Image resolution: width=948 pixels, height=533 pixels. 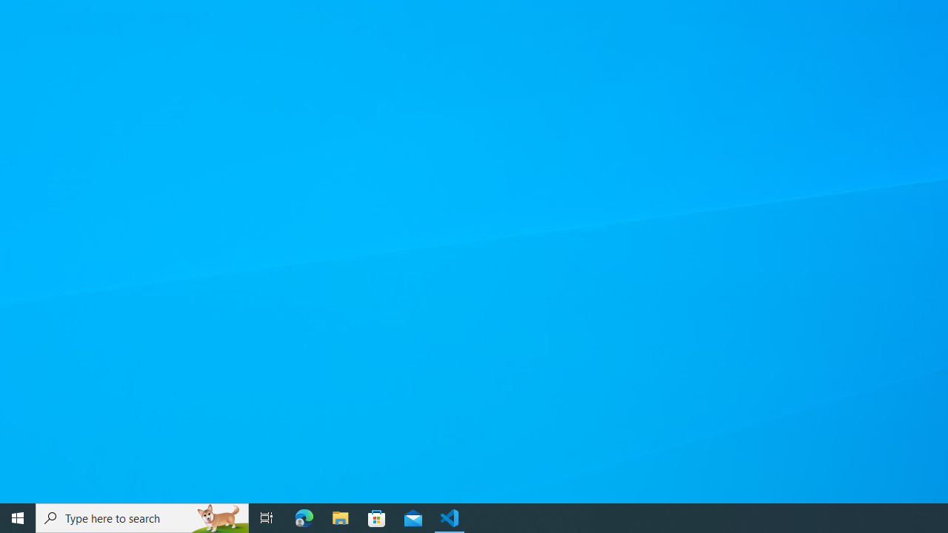 What do you see at coordinates (449, 517) in the screenshot?
I see `'Visual Studio Code - 1 running window'` at bounding box center [449, 517].